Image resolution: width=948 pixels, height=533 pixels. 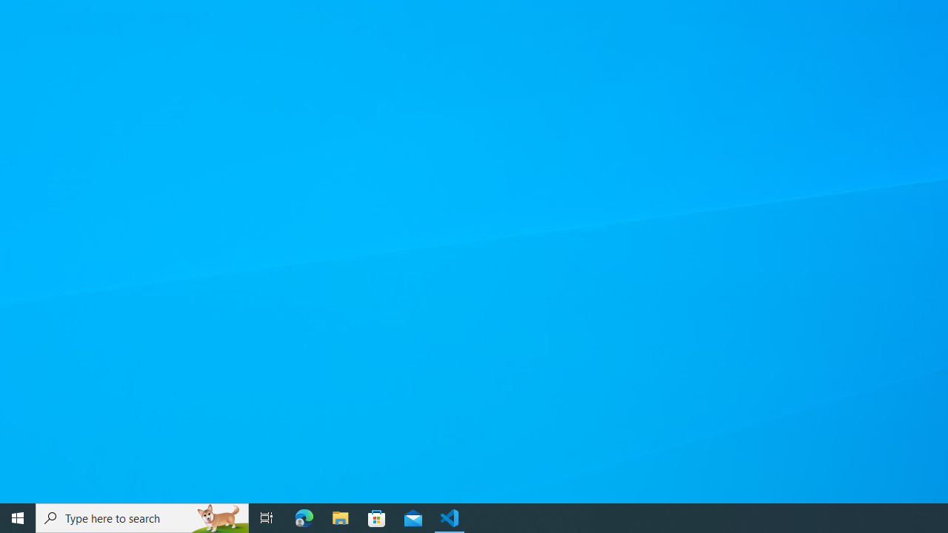 What do you see at coordinates (449, 517) in the screenshot?
I see `'Visual Studio Code - 1 running window'` at bounding box center [449, 517].